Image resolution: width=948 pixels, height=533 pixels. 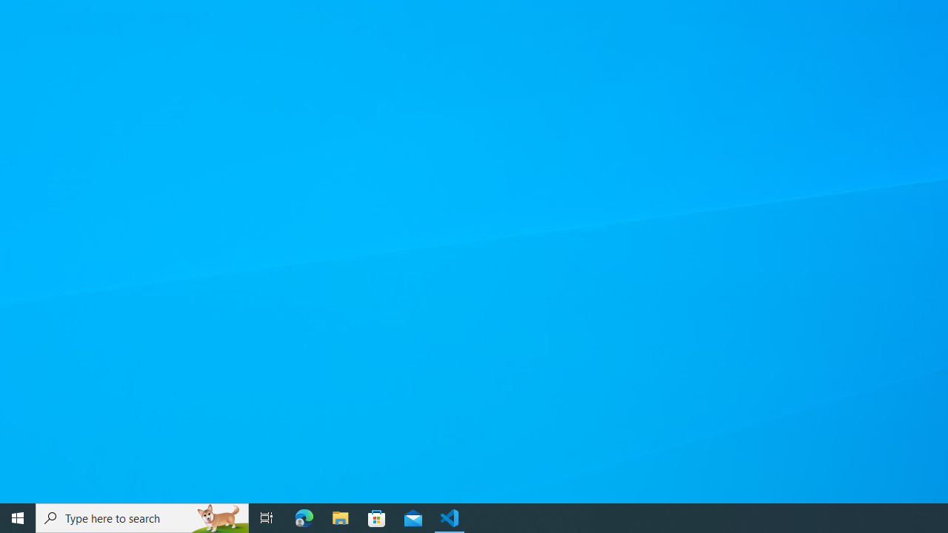 What do you see at coordinates (449, 517) in the screenshot?
I see `'Visual Studio Code - 1 running window'` at bounding box center [449, 517].